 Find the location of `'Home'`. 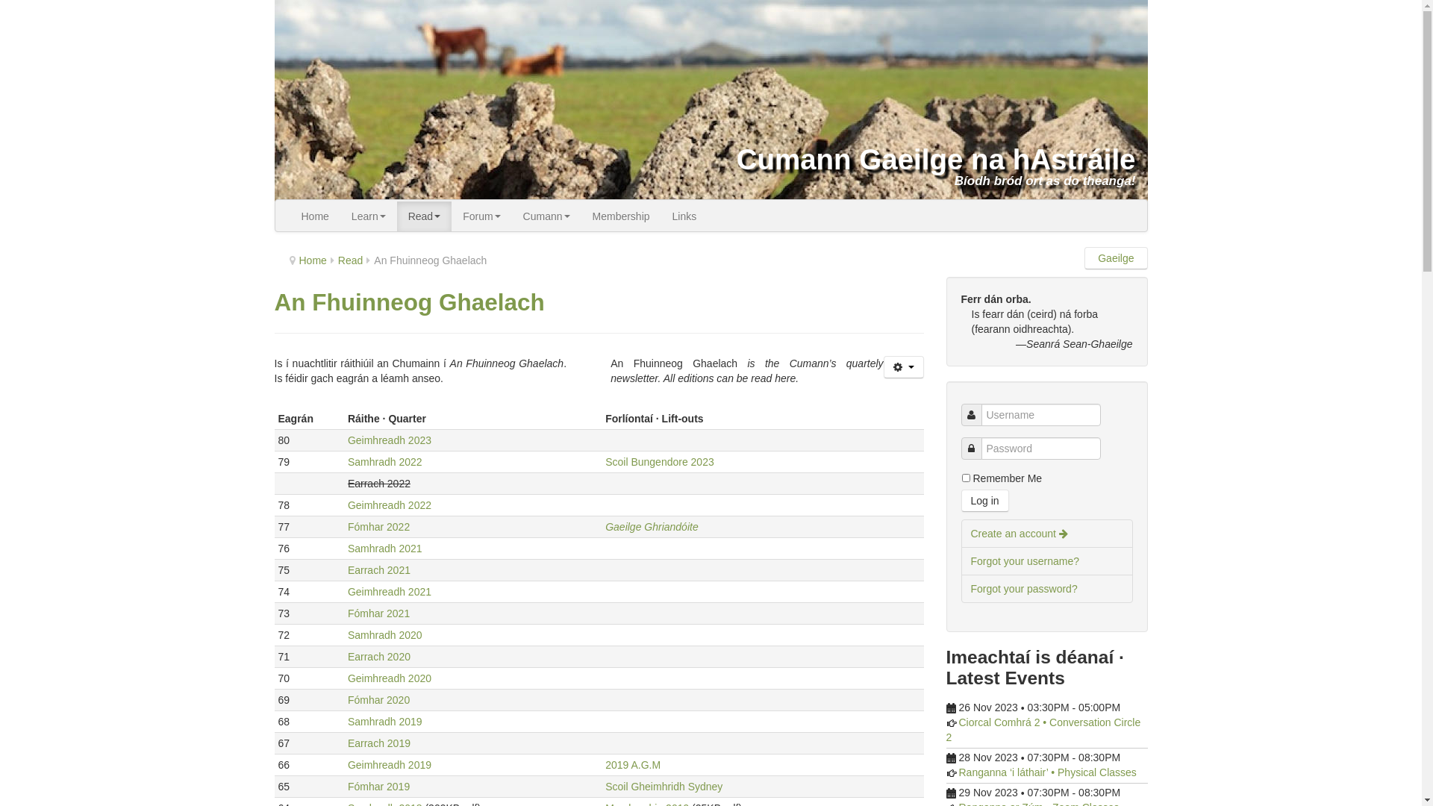

'Home' is located at coordinates (311, 259).